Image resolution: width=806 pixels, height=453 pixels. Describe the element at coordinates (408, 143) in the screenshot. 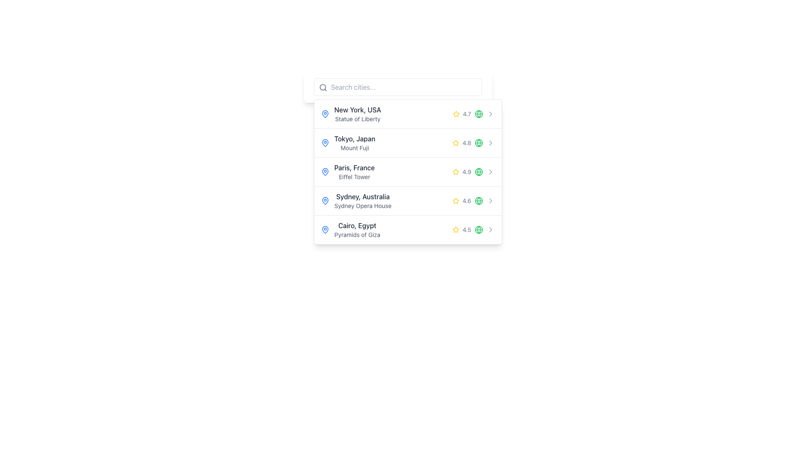

I see `the second list item representing Tokyo, Japan in the dropdown menu` at that location.